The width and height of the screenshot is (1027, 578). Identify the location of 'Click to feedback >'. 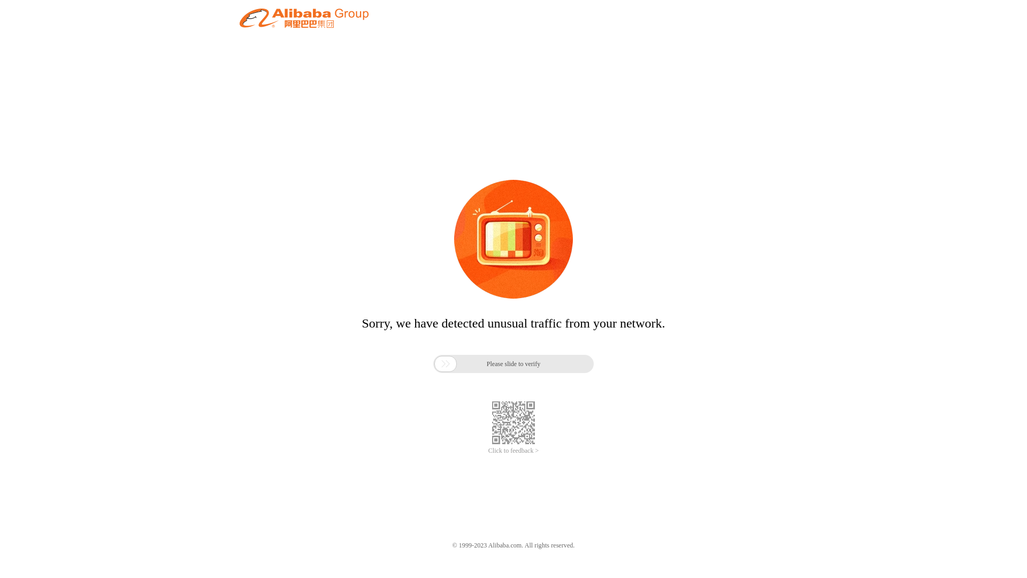
(513, 451).